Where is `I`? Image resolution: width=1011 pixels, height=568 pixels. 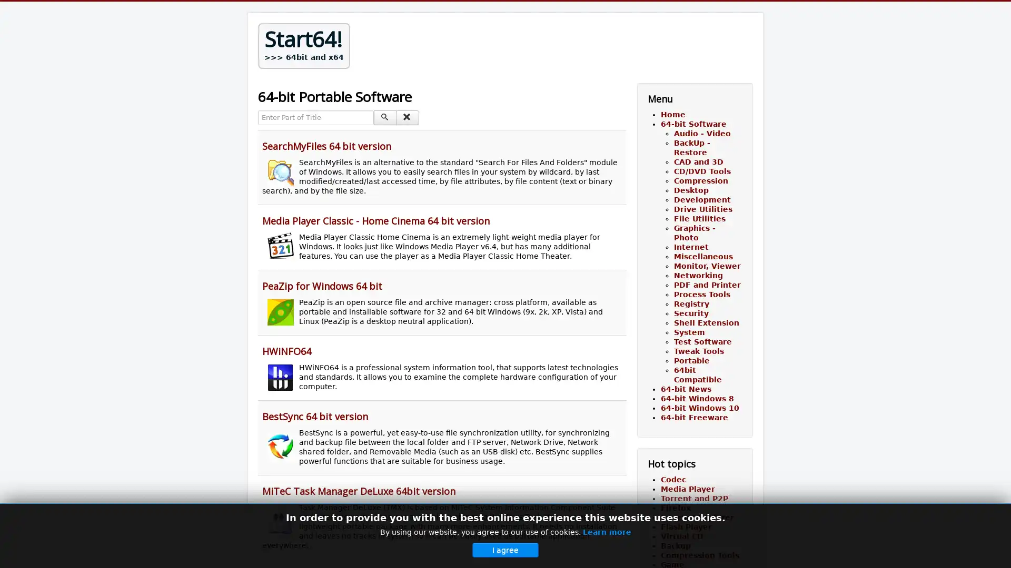 I is located at coordinates (407, 117).